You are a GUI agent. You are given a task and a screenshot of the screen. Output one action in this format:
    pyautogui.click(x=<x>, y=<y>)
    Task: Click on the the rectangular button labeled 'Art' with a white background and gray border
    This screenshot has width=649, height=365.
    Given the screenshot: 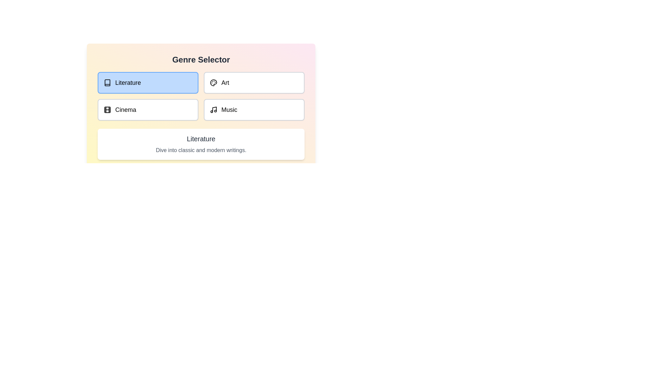 What is the action you would take?
    pyautogui.click(x=254, y=82)
    